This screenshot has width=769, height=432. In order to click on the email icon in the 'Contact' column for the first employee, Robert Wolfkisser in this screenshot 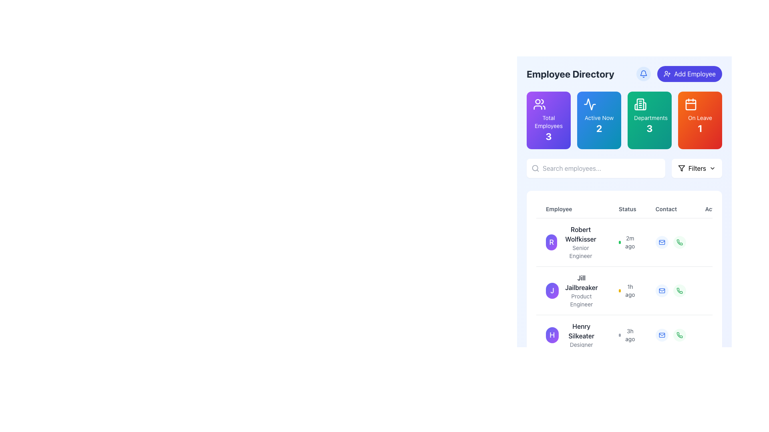, I will do `click(662, 242)`.